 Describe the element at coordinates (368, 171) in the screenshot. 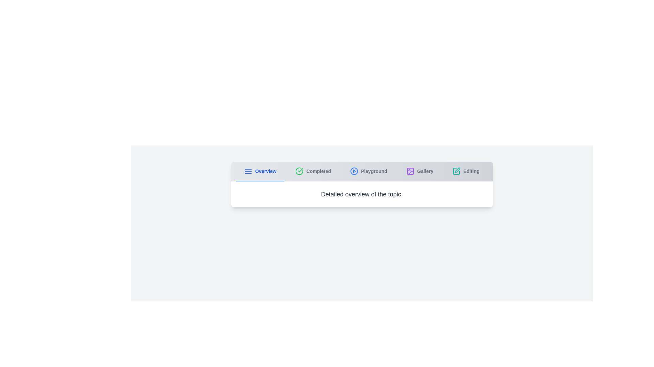

I see `the Playground tab to navigate to its content` at that location.